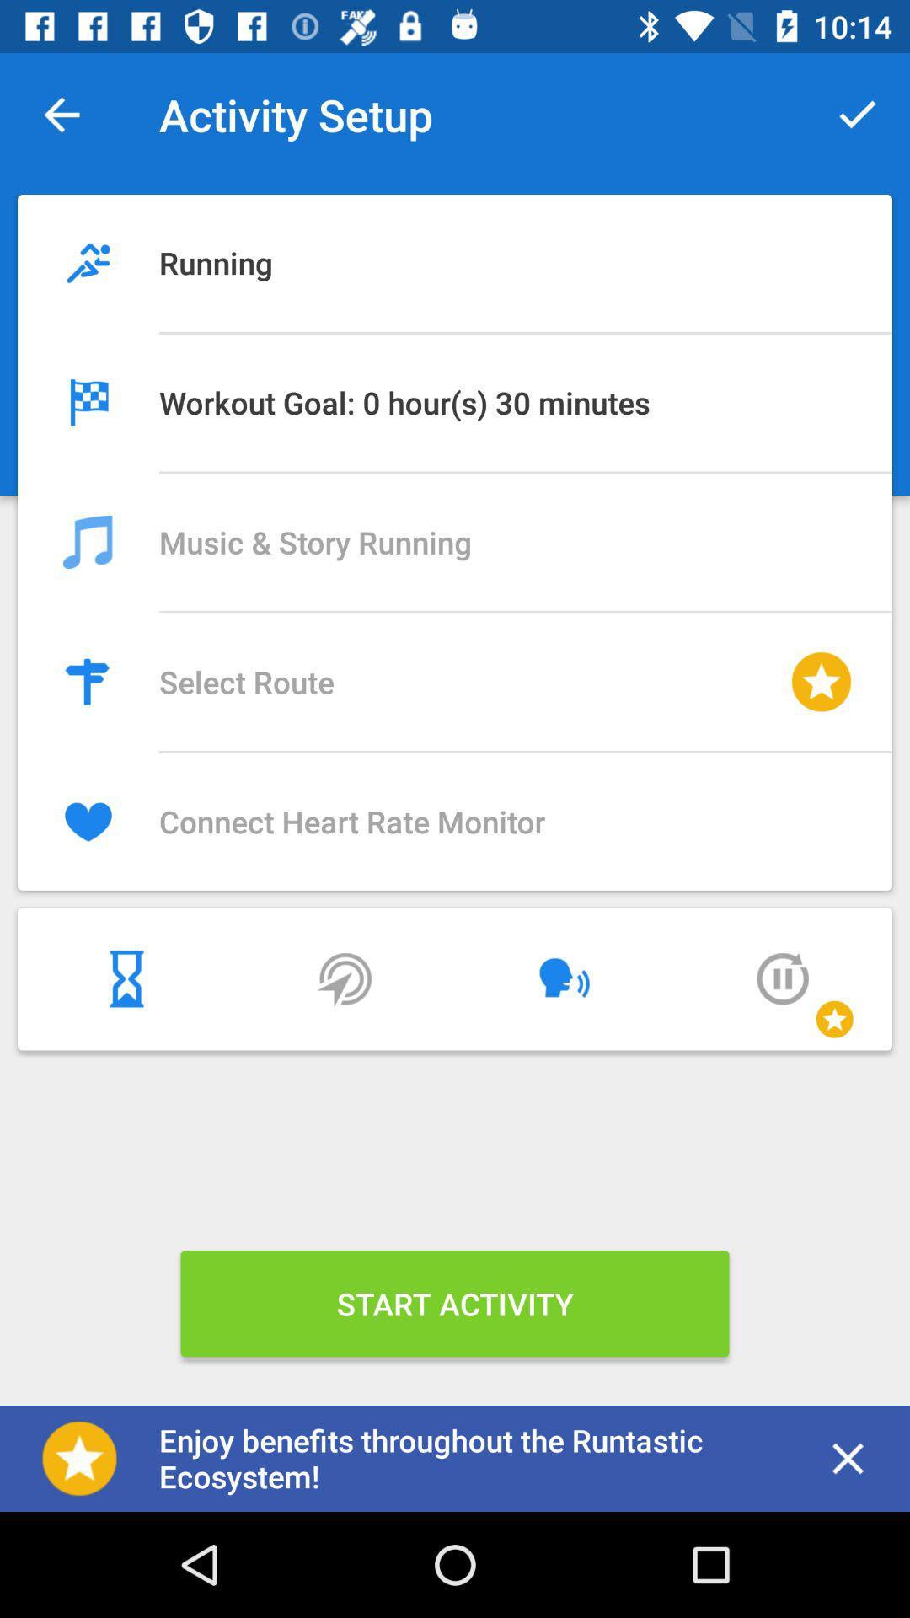  What do you see at coordinates (61, 114) in the screenshot?
I see `the icon to the left of the activity setup` at bounding box center [61, 114].